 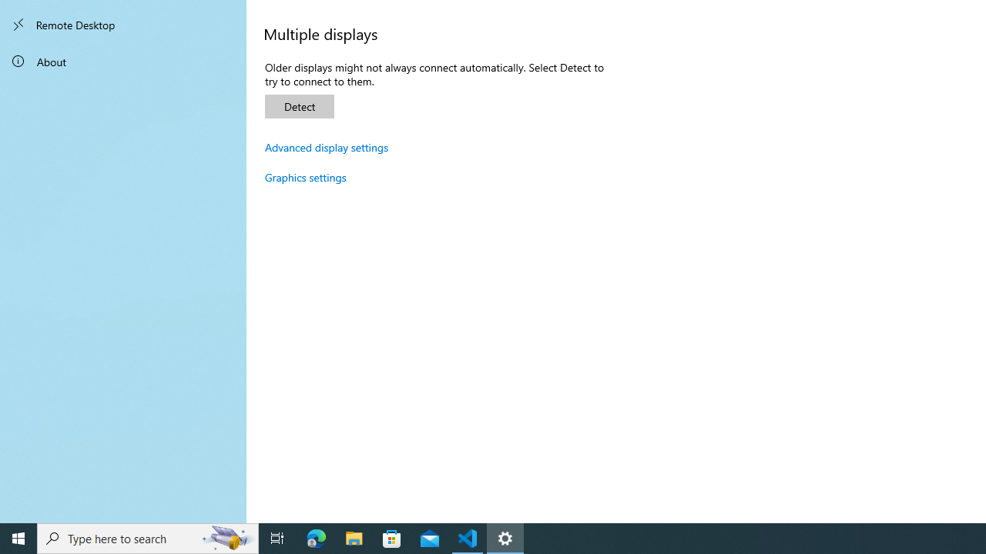 I want to click on 'About', so click(x=123, y=60).